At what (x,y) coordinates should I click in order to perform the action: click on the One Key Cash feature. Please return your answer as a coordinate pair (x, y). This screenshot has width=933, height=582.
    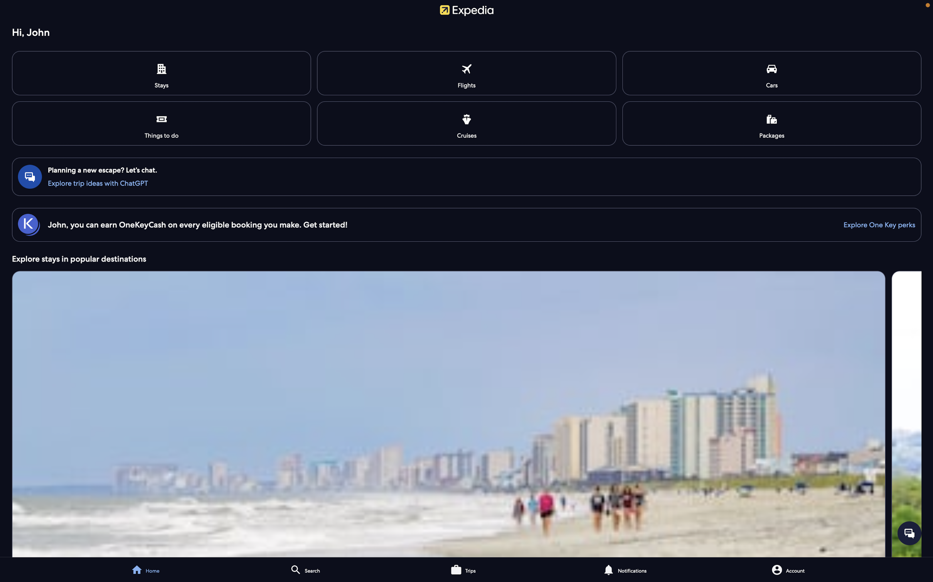
    Looking at the image, I should click on (875, 224).